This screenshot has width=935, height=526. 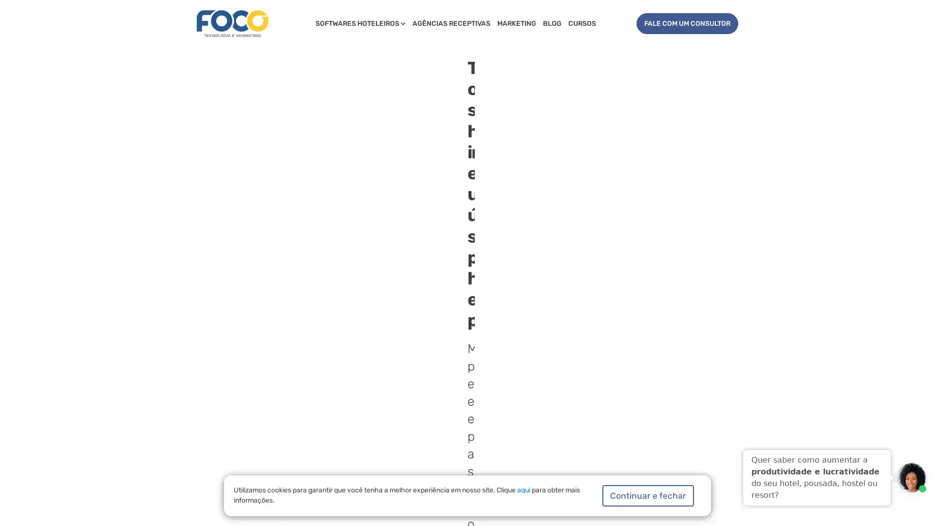 What do you see at coordinates (648, 495) in the screenshot?
I see `Continuar e fechar` at bounding box center [648, 495].